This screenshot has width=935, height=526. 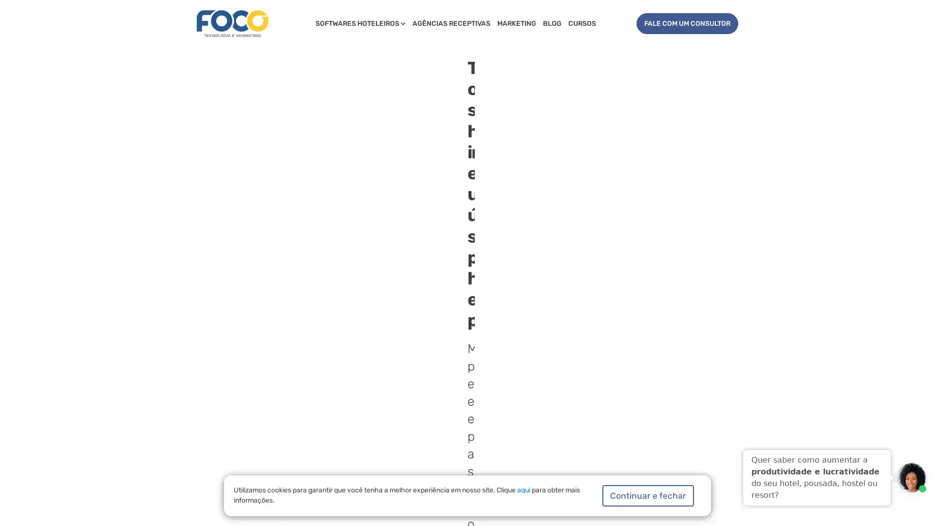 What do you see at coordinates (648, 495) in the screenshot?
I see `Continuar e fechar` at bounding box center [648, 495].